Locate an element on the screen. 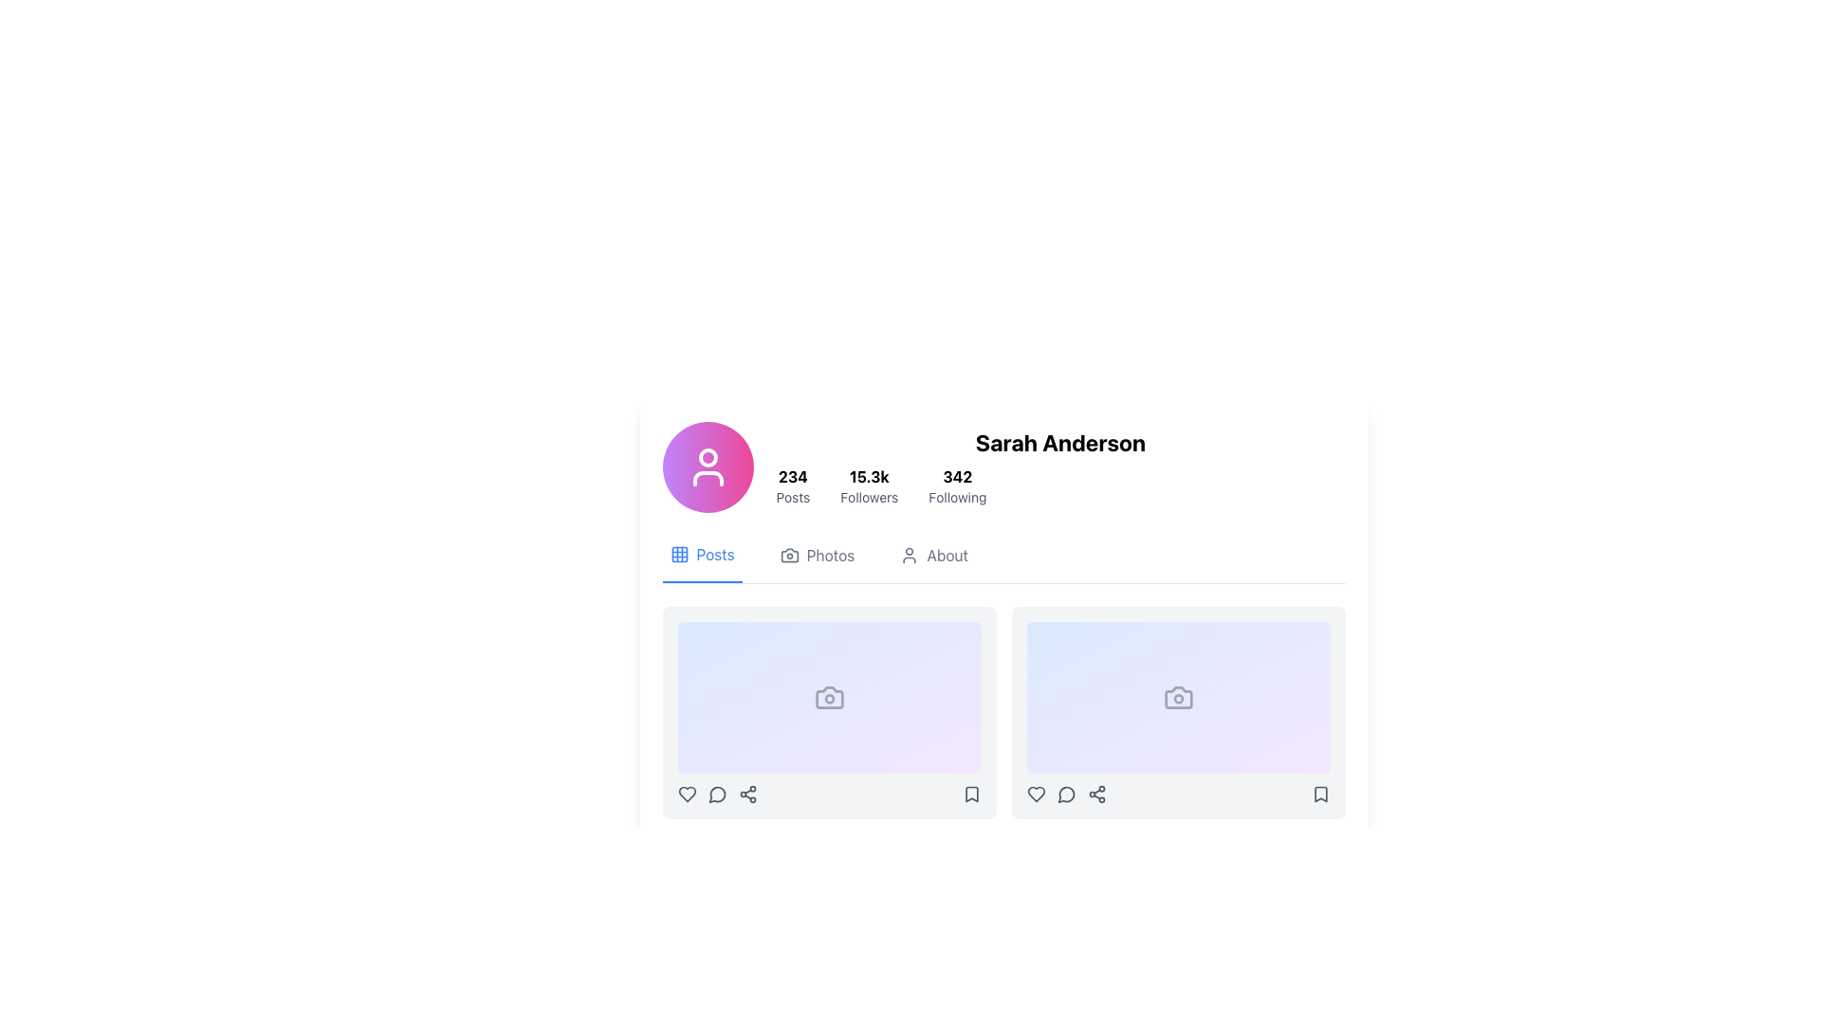 Image resolution: width=1821 pixels, height=1024 pixels. the leftmost navigation button labeled 'Posts' is located at coordinates (701, 562).